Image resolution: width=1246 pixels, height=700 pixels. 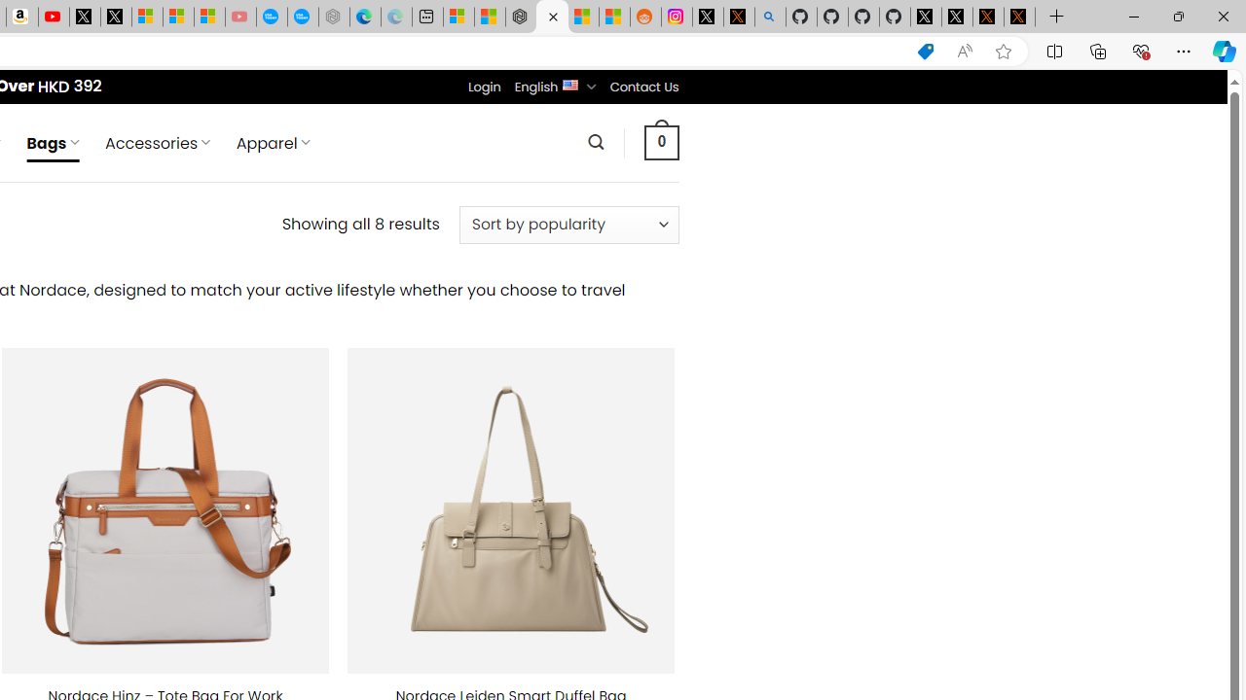 What do you see at coordinates (334, 17) in the screenshot?
I see `'Nordace - Nordace has arrived Hong Kong - Sleeping'` at bounding box center [334, 17].